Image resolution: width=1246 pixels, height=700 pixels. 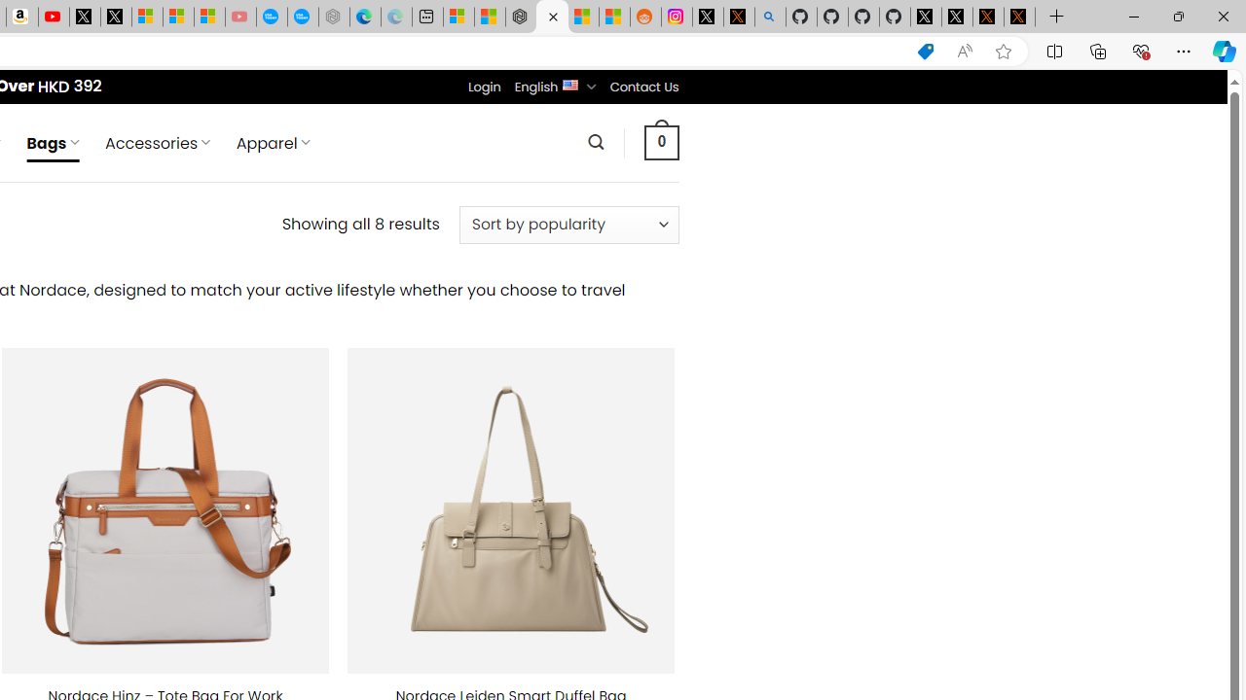 What do you see at coordinates (334, 17) in the screenshot?
I see `'Nordace - Nordace has arrived Hong Kong - Sleeping'` at bounding box center [334, 17].